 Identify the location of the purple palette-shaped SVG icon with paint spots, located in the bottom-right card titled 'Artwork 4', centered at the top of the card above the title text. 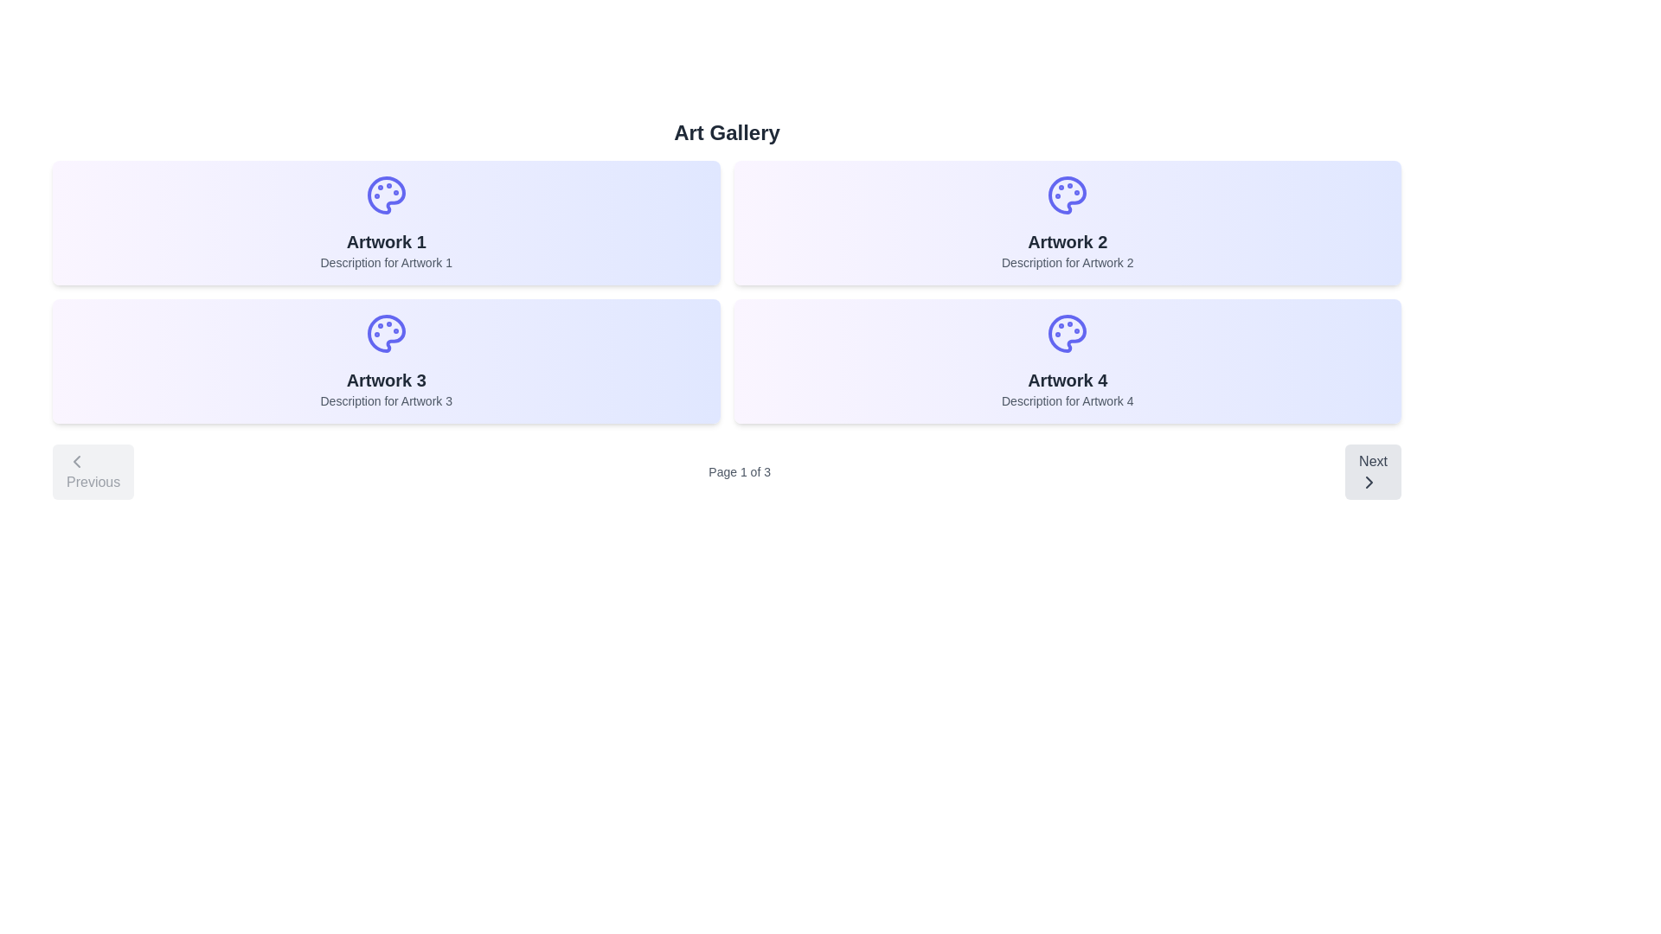
(1067, 333).